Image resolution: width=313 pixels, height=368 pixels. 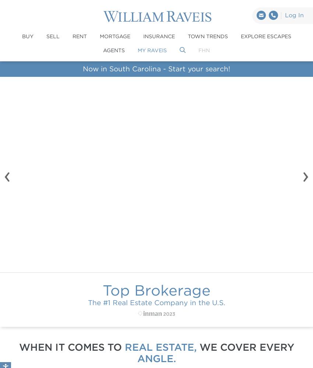 I want to click on 'we cover every', so click(x=245, y=346).